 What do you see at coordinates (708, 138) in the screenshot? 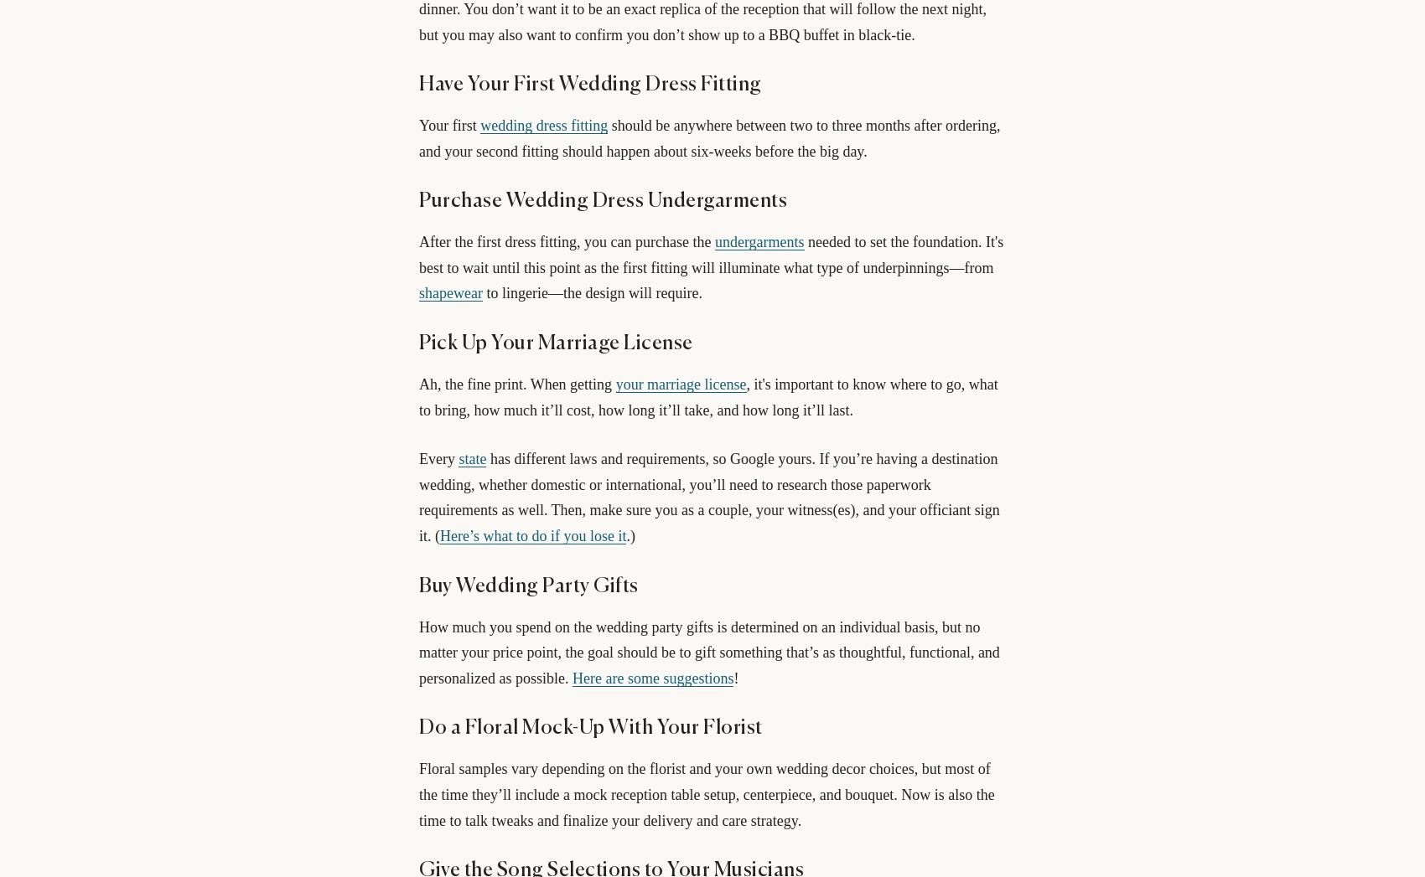
I see `'should be anywhere between two to three months after ordering, and your second fitting should happen about six-weeks before the big day.'` at bounding box center [708, 138].